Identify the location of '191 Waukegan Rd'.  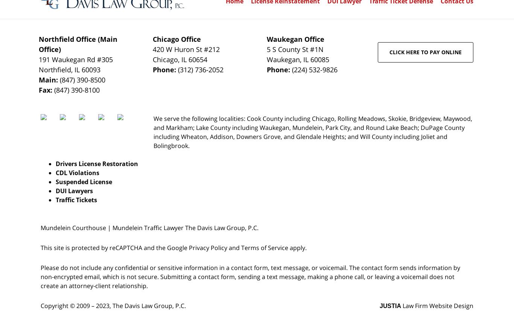
(67, 59).